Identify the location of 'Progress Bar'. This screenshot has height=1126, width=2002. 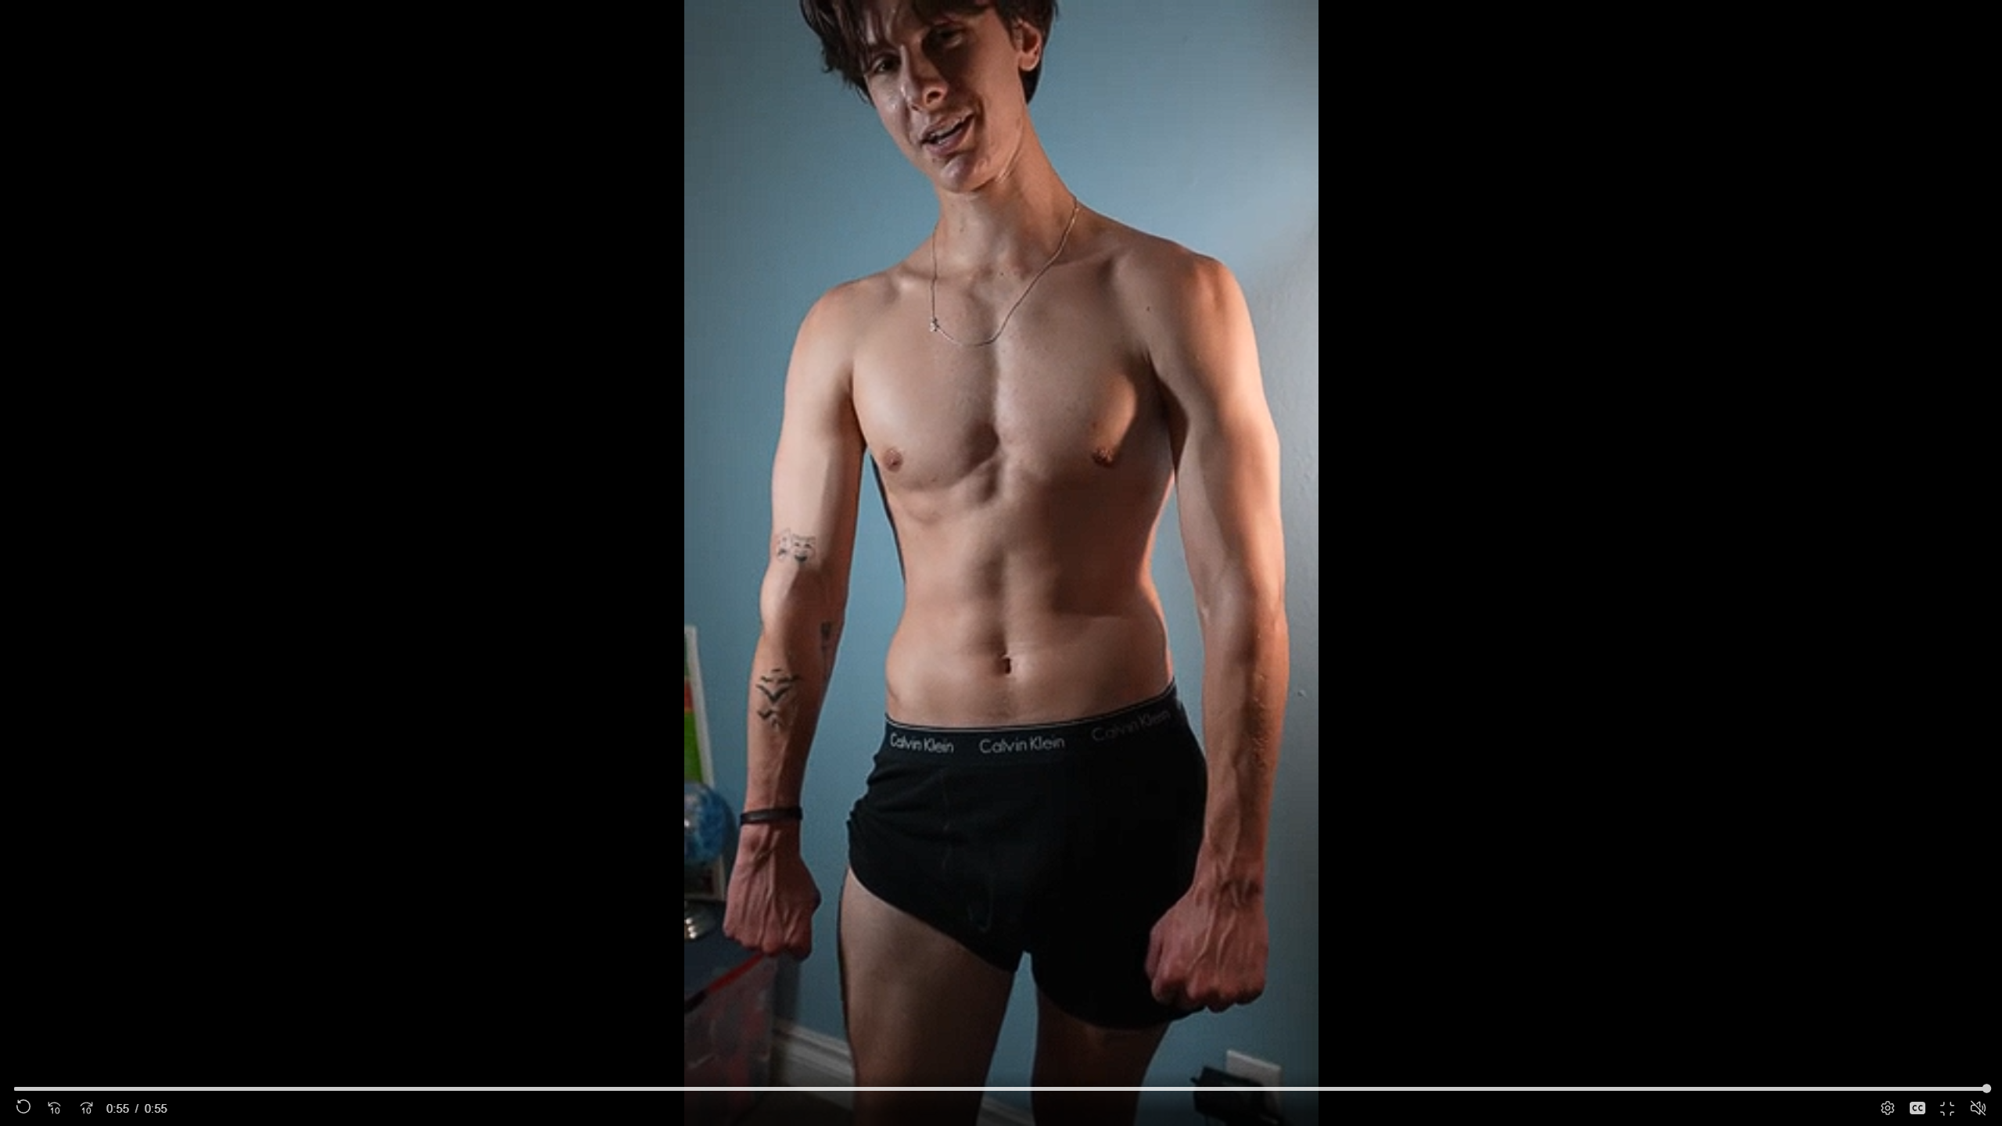
(1001, 1088).